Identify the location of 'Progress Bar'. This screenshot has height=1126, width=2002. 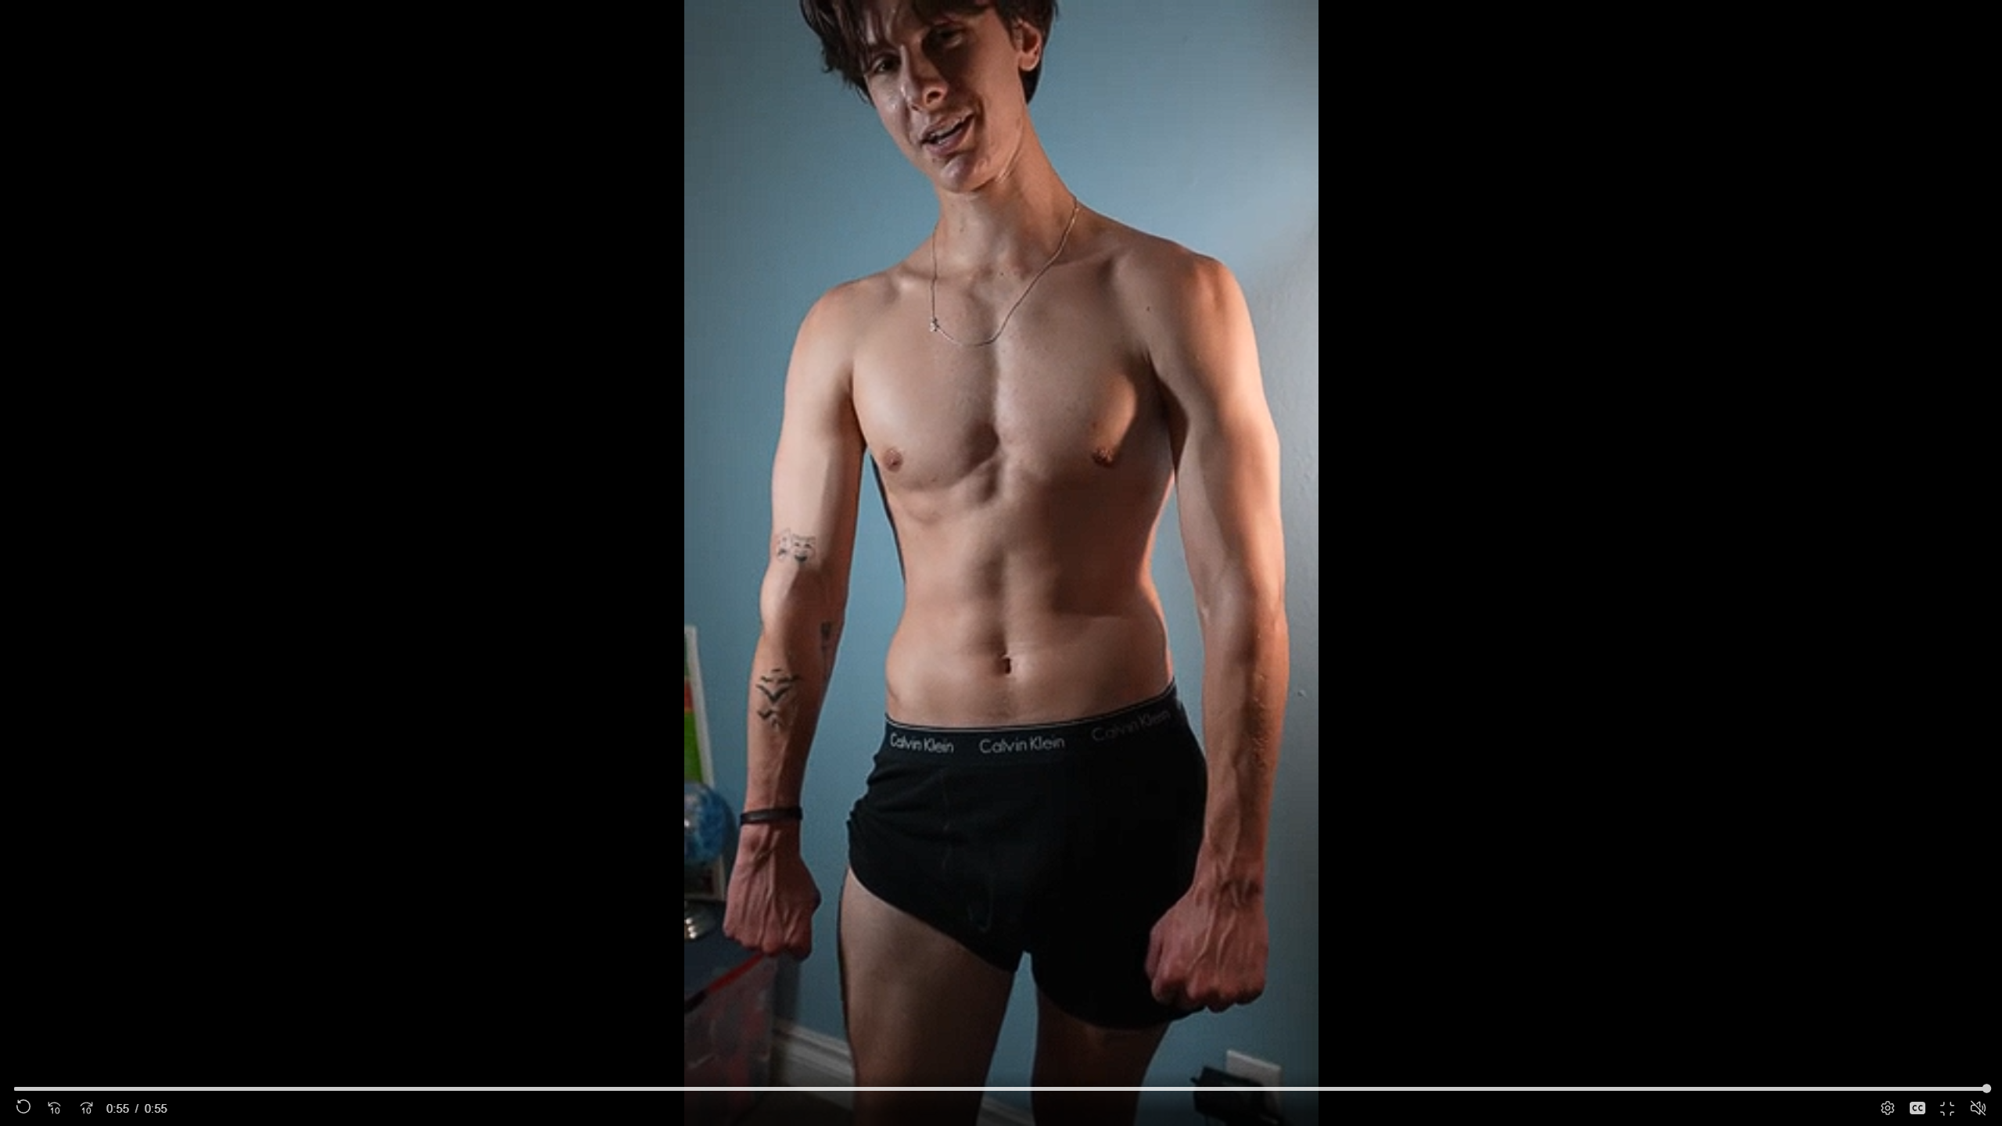
(1001, 1088).